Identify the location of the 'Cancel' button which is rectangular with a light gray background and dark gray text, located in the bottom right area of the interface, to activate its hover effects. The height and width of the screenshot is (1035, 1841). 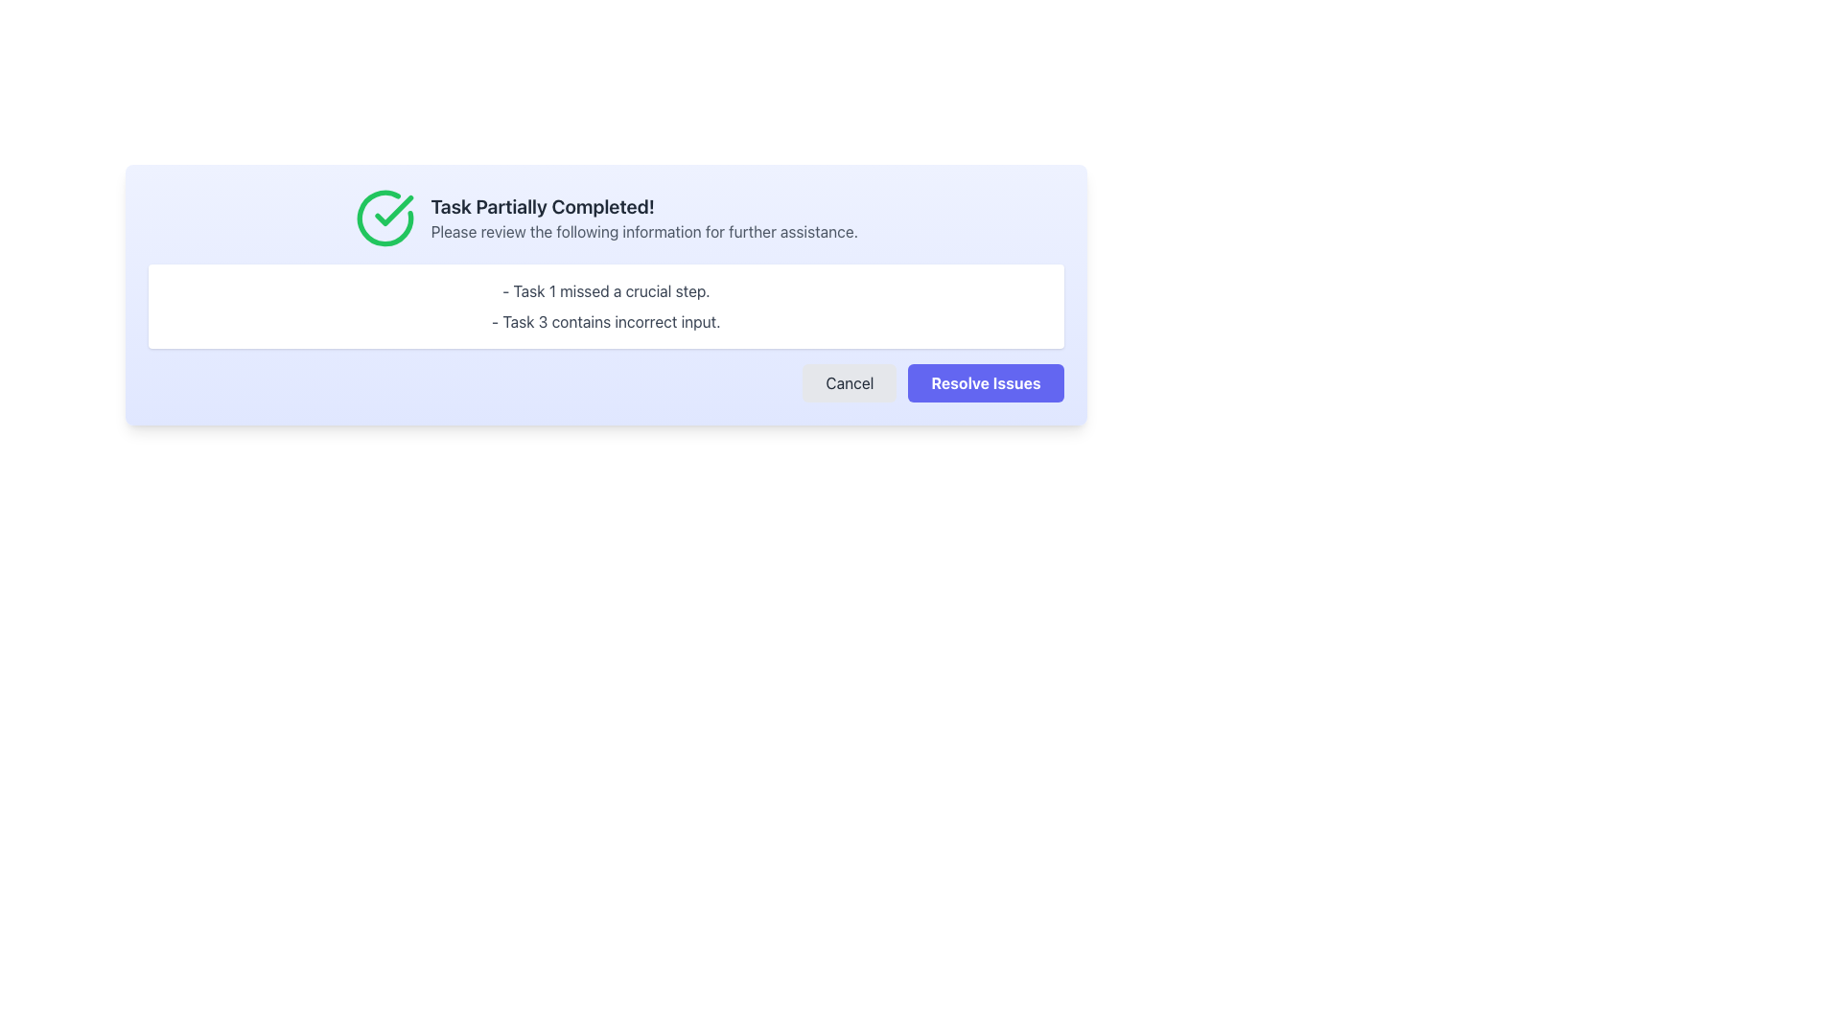
(849, 383).